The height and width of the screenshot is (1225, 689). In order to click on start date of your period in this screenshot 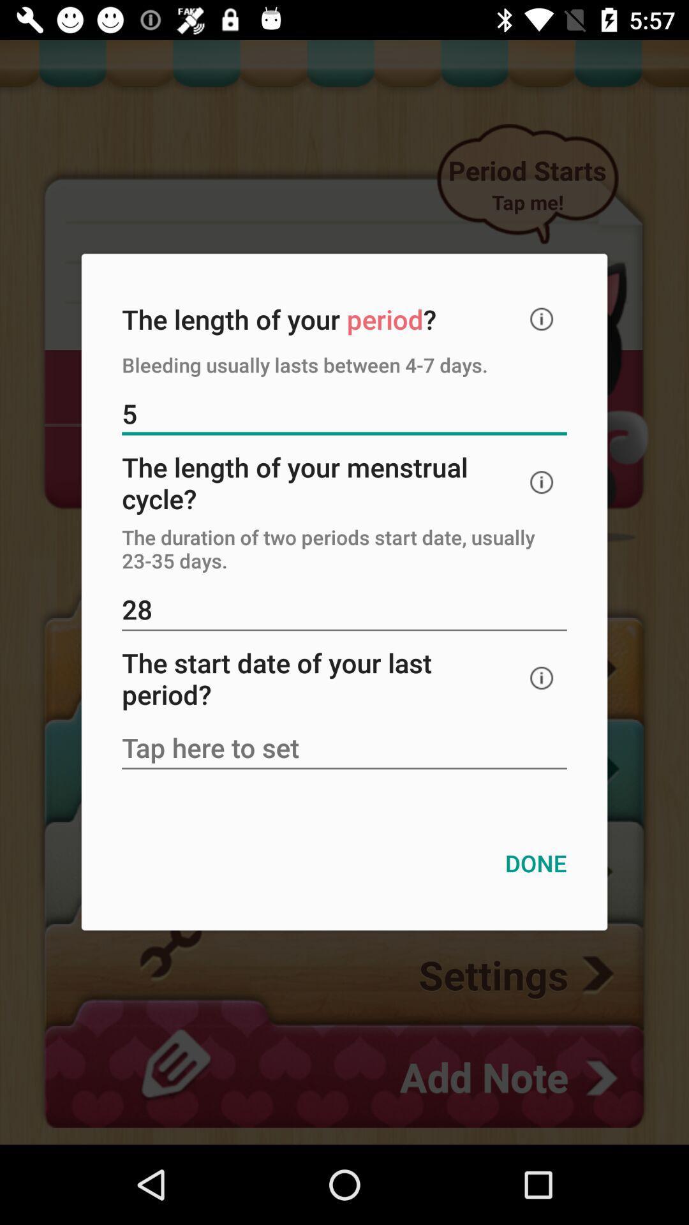, I will do `click(344, 749)`.